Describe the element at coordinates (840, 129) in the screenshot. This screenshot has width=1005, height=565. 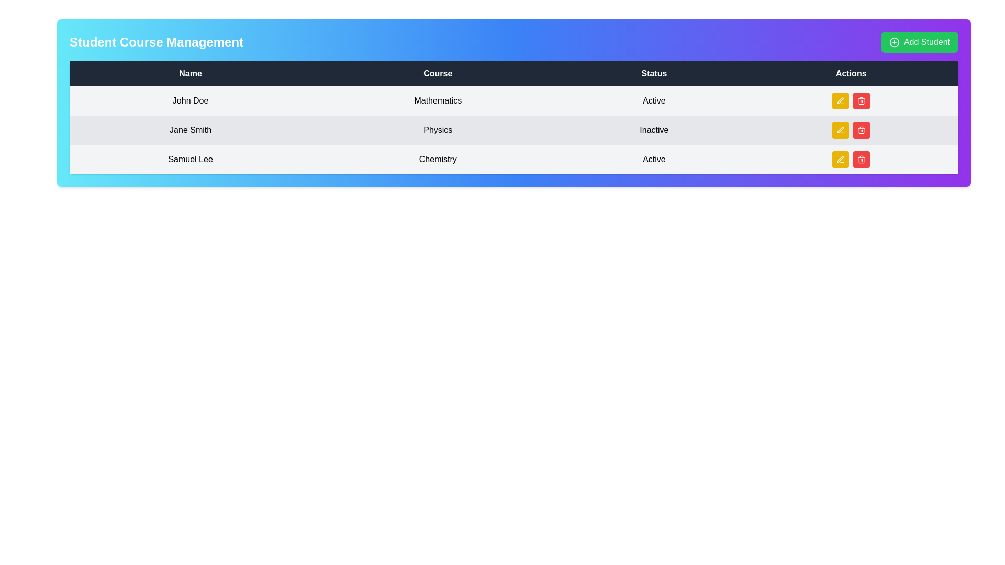
I see `the leftmost part of the yellow pen icon in the second row of the 'Actions' column to initiate editing` at that location.